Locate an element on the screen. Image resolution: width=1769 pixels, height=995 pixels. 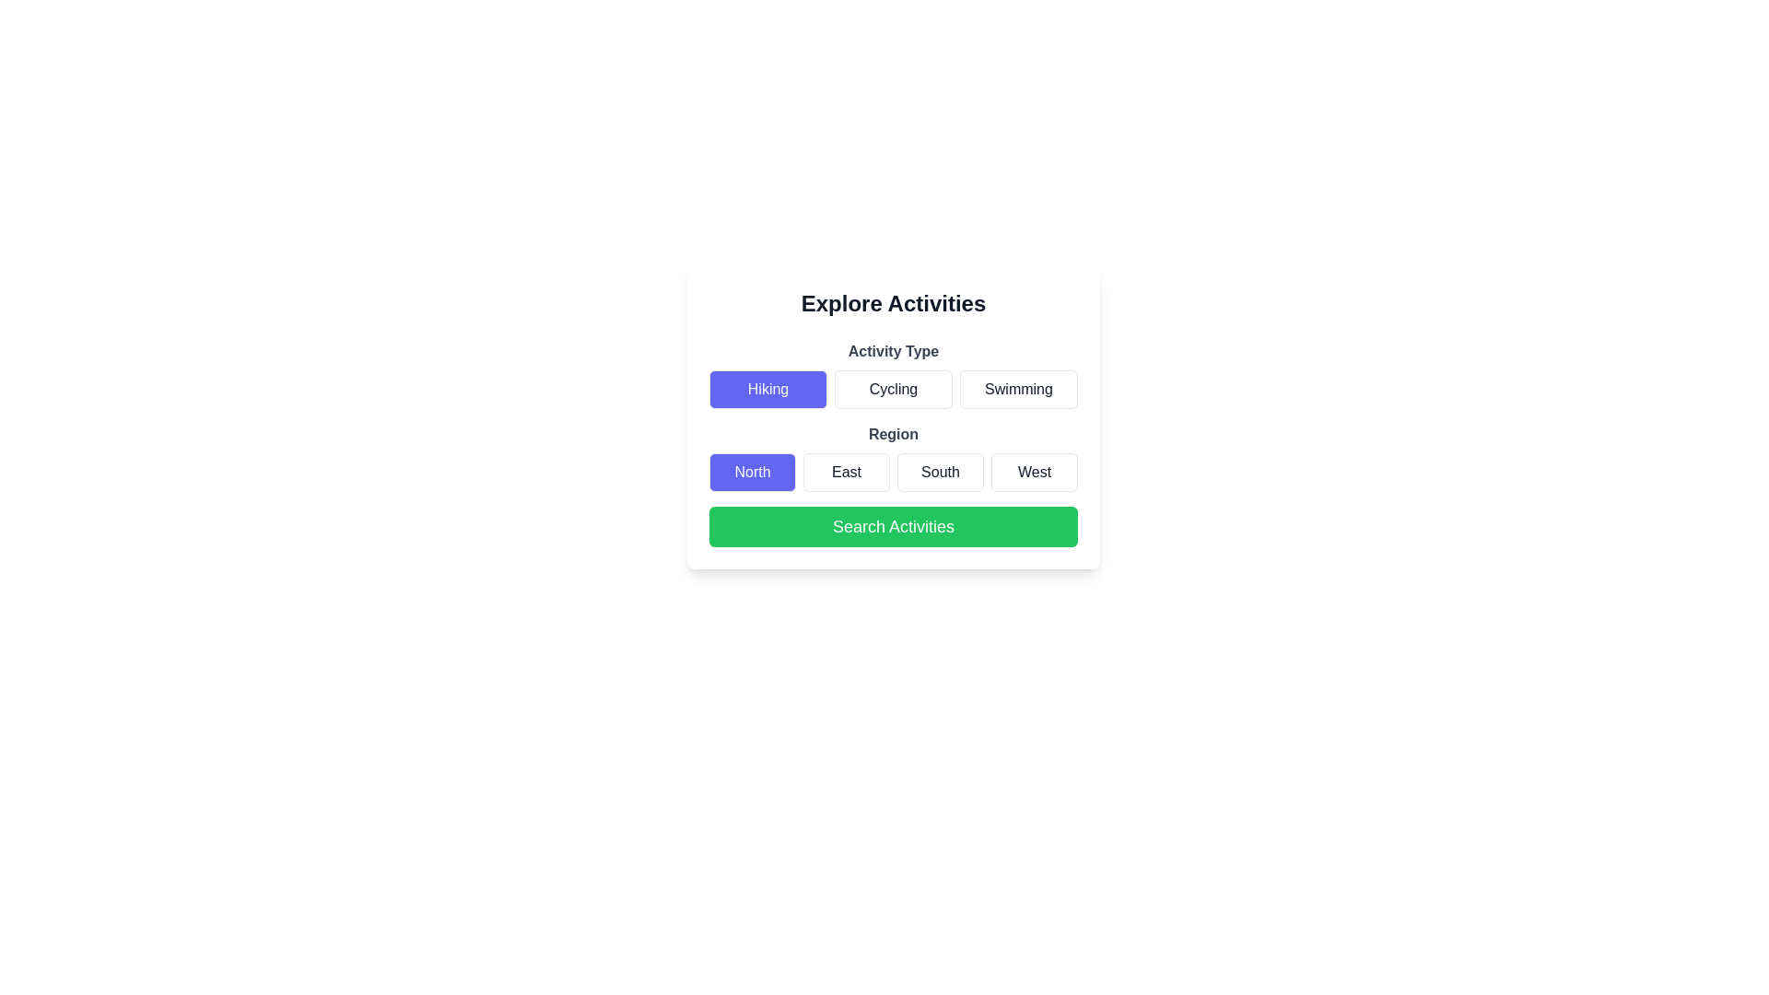
the text label that serves as a header for the activity types, positioned above the buttons labeled 'Hiking', 'Cycling', and 'Swimming' is located at coordinates (893, 351).